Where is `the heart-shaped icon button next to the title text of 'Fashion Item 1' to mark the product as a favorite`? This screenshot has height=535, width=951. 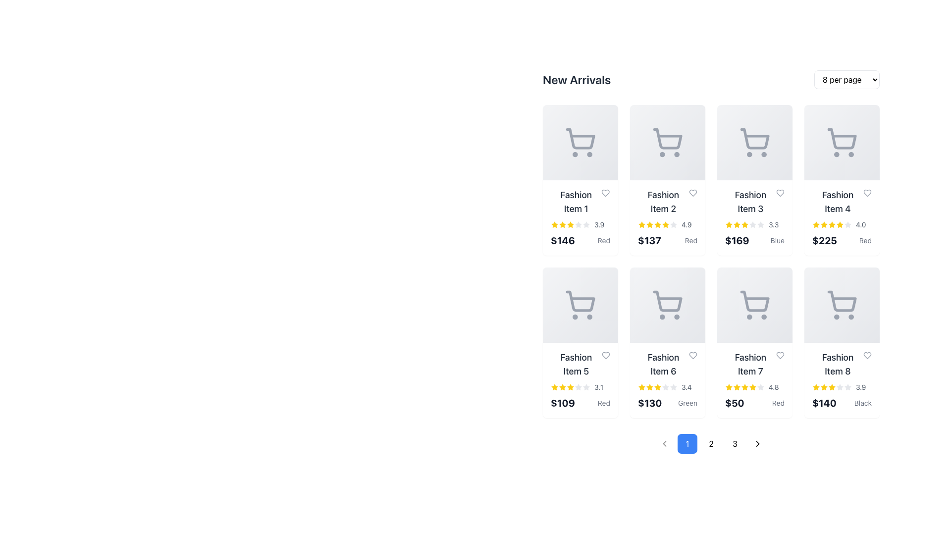 the heart-shaped icon button next to the title text of 'Fashion Item 1' to mark the product as a favorite is located at coordinates (605, 193).